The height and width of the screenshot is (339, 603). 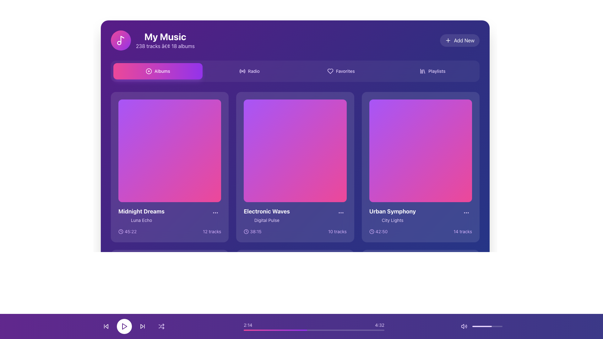 What do you see at coordinates (295, 151) in the screenshot?
I see `the large interactive card component with a gradient background that displays media content, located in the middle of the second row of cards` at bounding box center [295, 151].